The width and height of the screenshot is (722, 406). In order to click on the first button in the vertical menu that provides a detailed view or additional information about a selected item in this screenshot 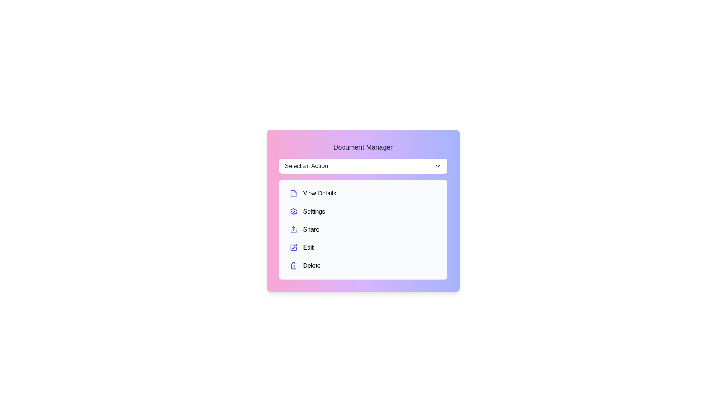, I will do `click(363, 193)`.